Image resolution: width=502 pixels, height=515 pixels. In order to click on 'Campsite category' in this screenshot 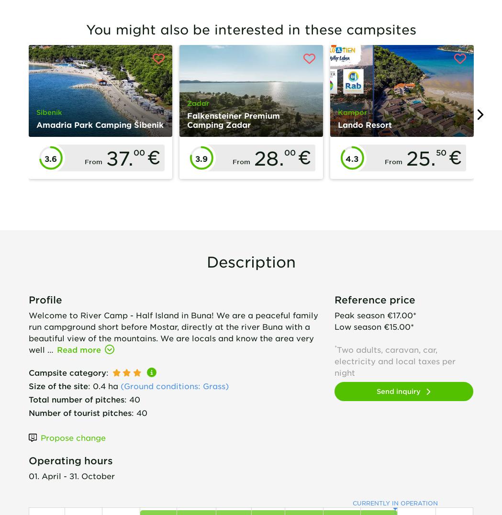, I will do `click(67, 372)`.